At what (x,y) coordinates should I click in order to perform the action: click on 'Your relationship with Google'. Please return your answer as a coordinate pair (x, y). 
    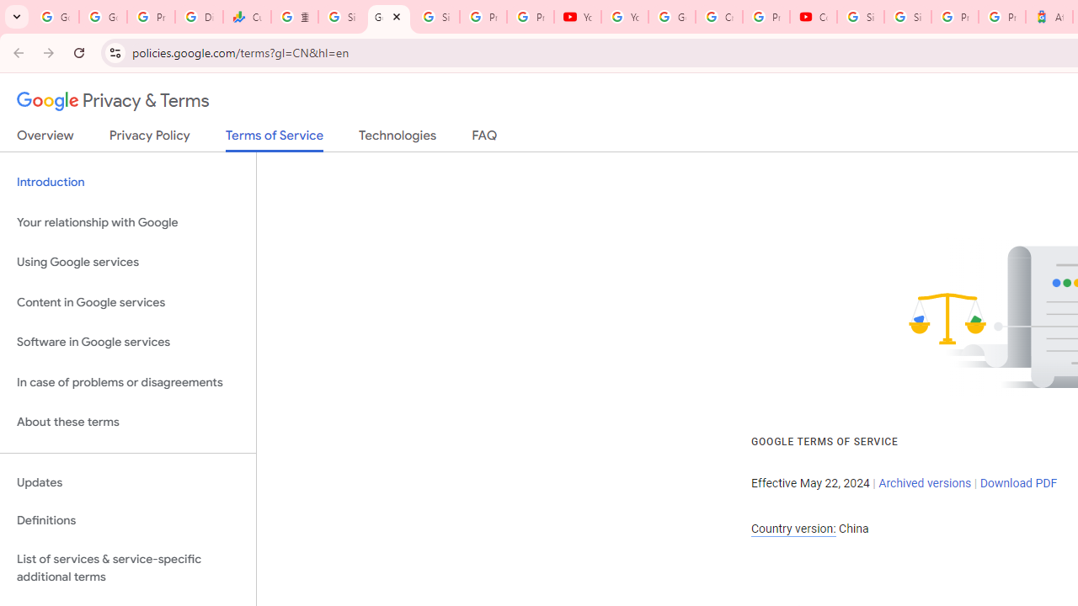
    Looking at the image, I should click on (127, 221).